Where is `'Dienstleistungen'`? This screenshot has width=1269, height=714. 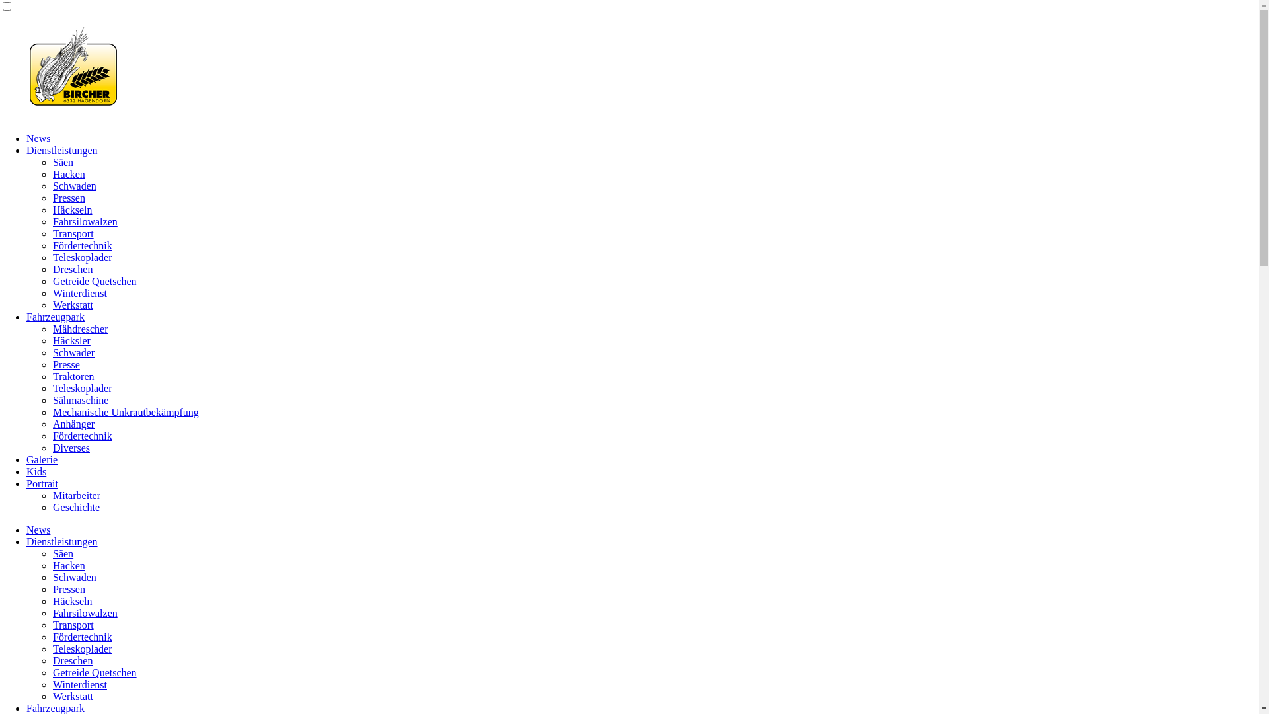
'Dienstleistungen' is located at coordinates (61, 541).